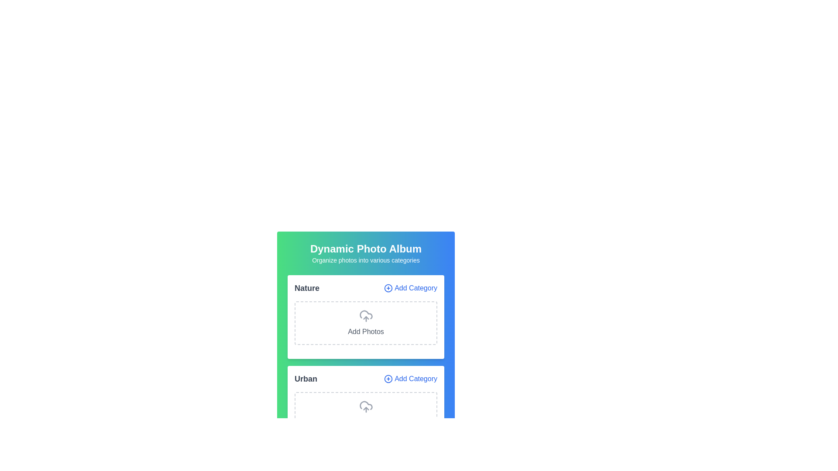 This screenshot has width=838, height=471. I want to click on the center of the Interactive upload area within the 'Urban' category card to potentially open a file selector, so click(366, 413).